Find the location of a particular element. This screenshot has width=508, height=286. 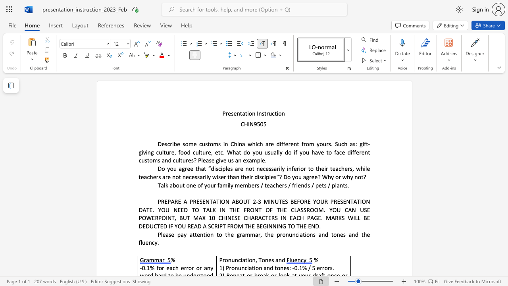

the subset text "se give us an examp" within the text "? Please give us an example." is located at coordinates (209, 160).